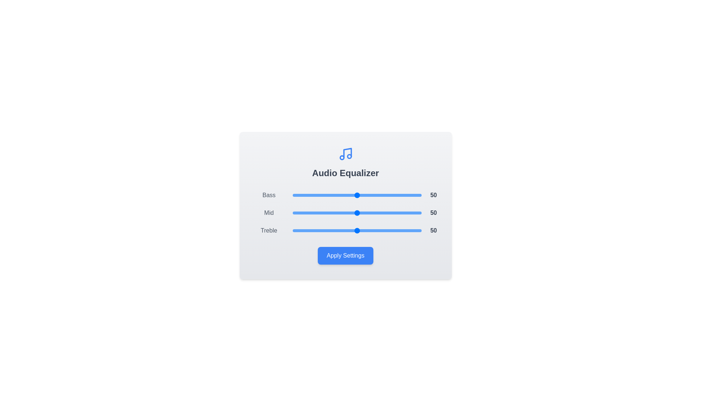  Describe the element at coordinates (354, 195) in the screenshot. I see `the Bass slider to 48 percent` at that location.